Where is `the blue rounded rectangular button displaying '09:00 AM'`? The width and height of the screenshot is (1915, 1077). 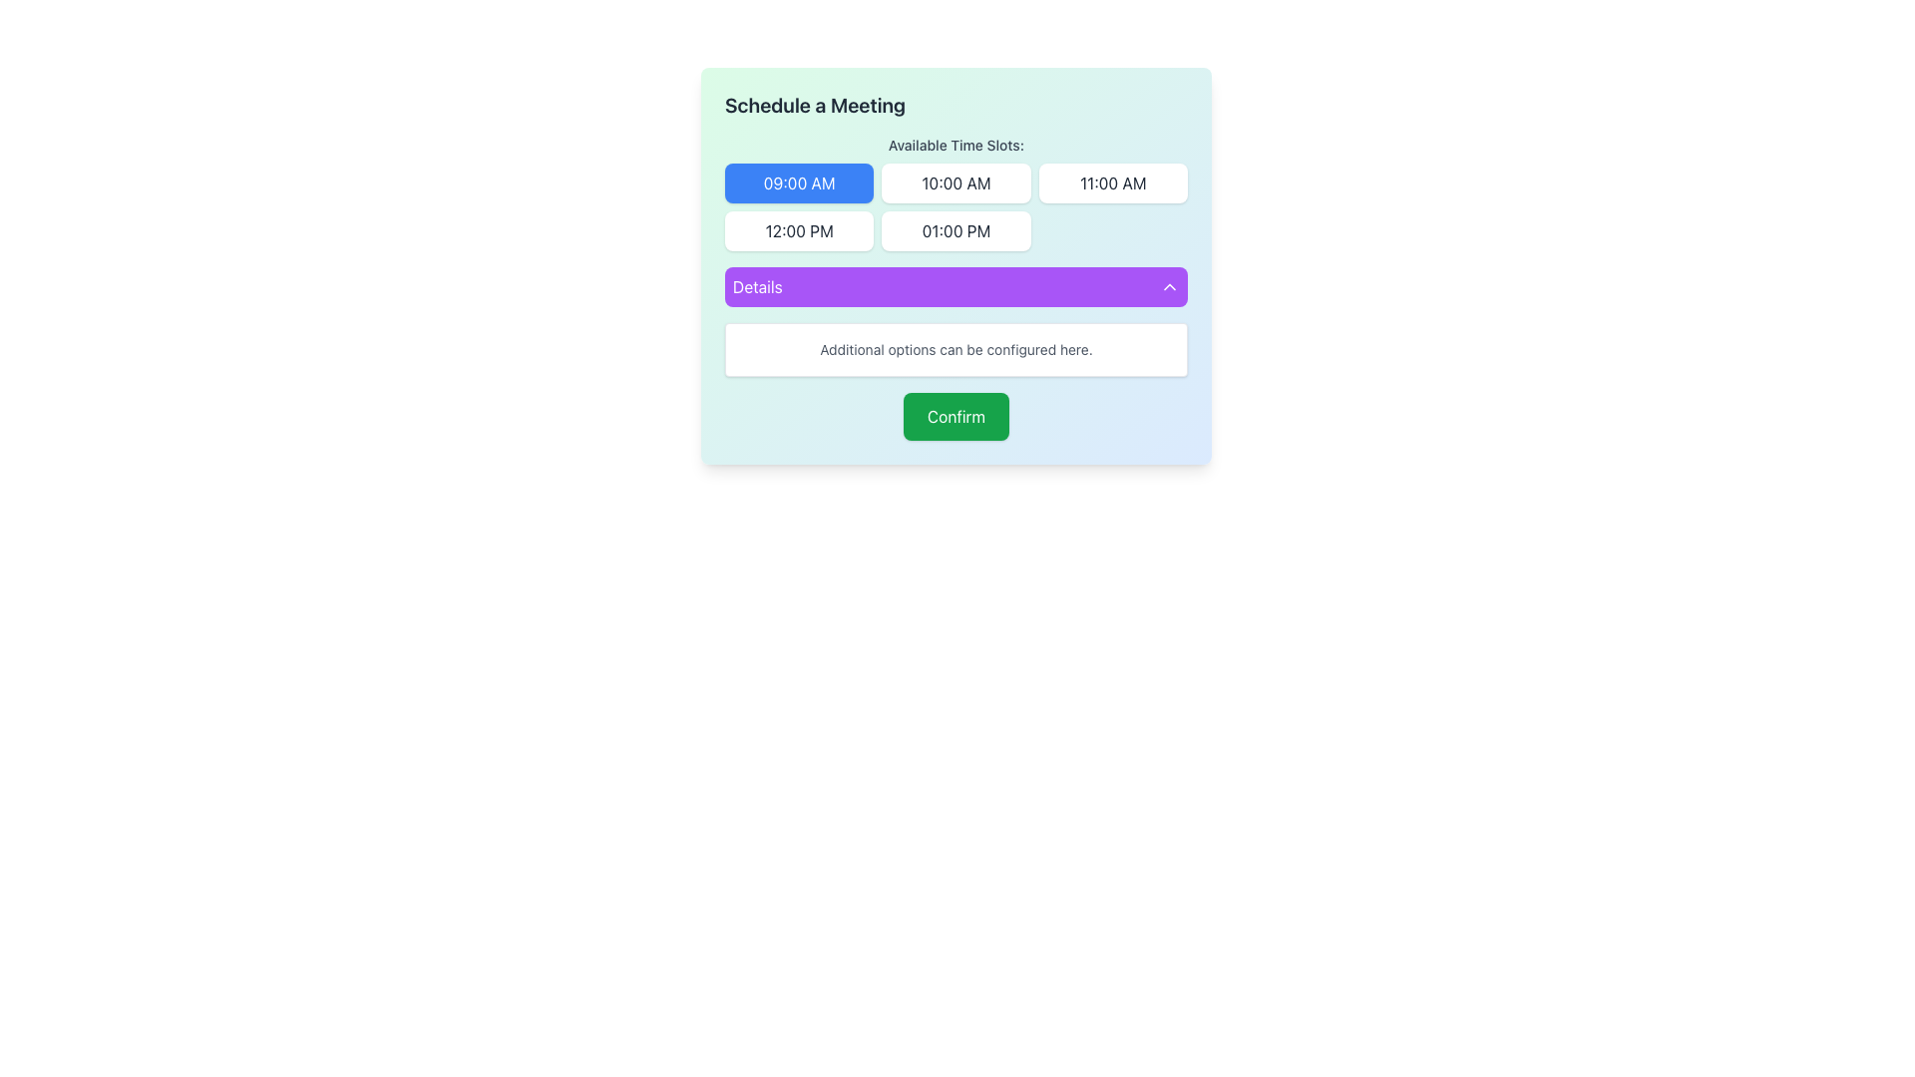
the blue rounded rectangular button displaying '09:00 AM' is located at coordinates (799, 183).